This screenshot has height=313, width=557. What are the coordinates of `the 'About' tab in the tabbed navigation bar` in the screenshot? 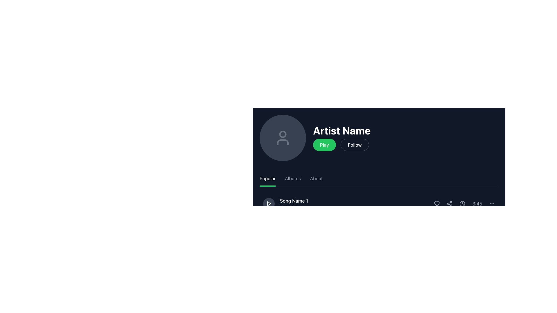 It's located at (379, 178).